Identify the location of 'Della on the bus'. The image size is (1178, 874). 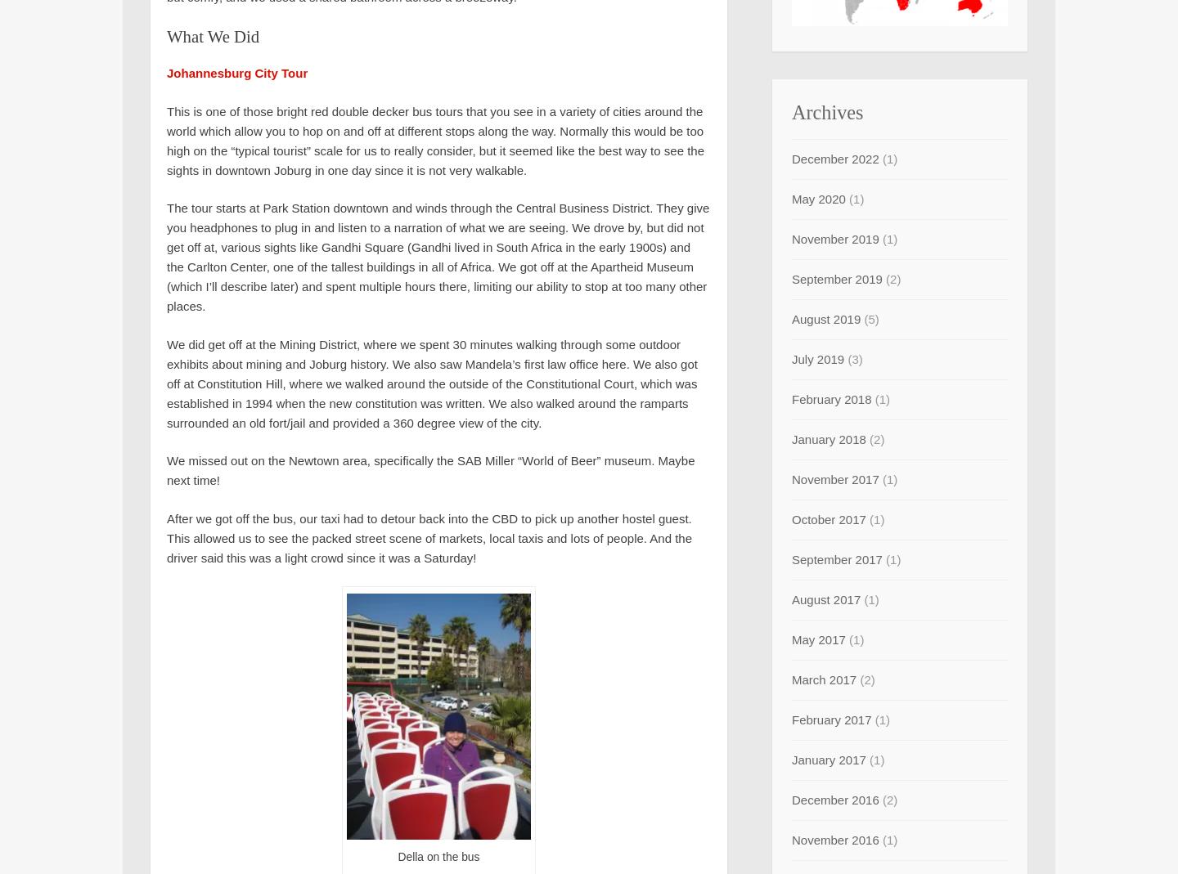
(437, 857).